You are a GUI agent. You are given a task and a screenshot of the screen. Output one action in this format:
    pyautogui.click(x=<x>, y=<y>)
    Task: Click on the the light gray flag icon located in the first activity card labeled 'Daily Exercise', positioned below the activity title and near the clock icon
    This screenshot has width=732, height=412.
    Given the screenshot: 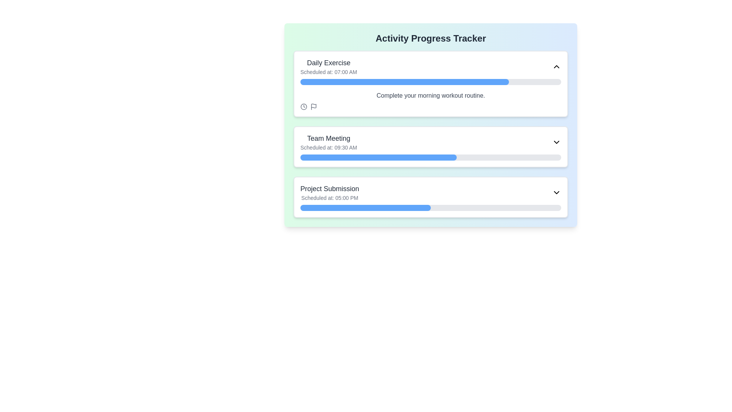 What is the action you would take?
    pyautogui.click(x=313, y=106)
    